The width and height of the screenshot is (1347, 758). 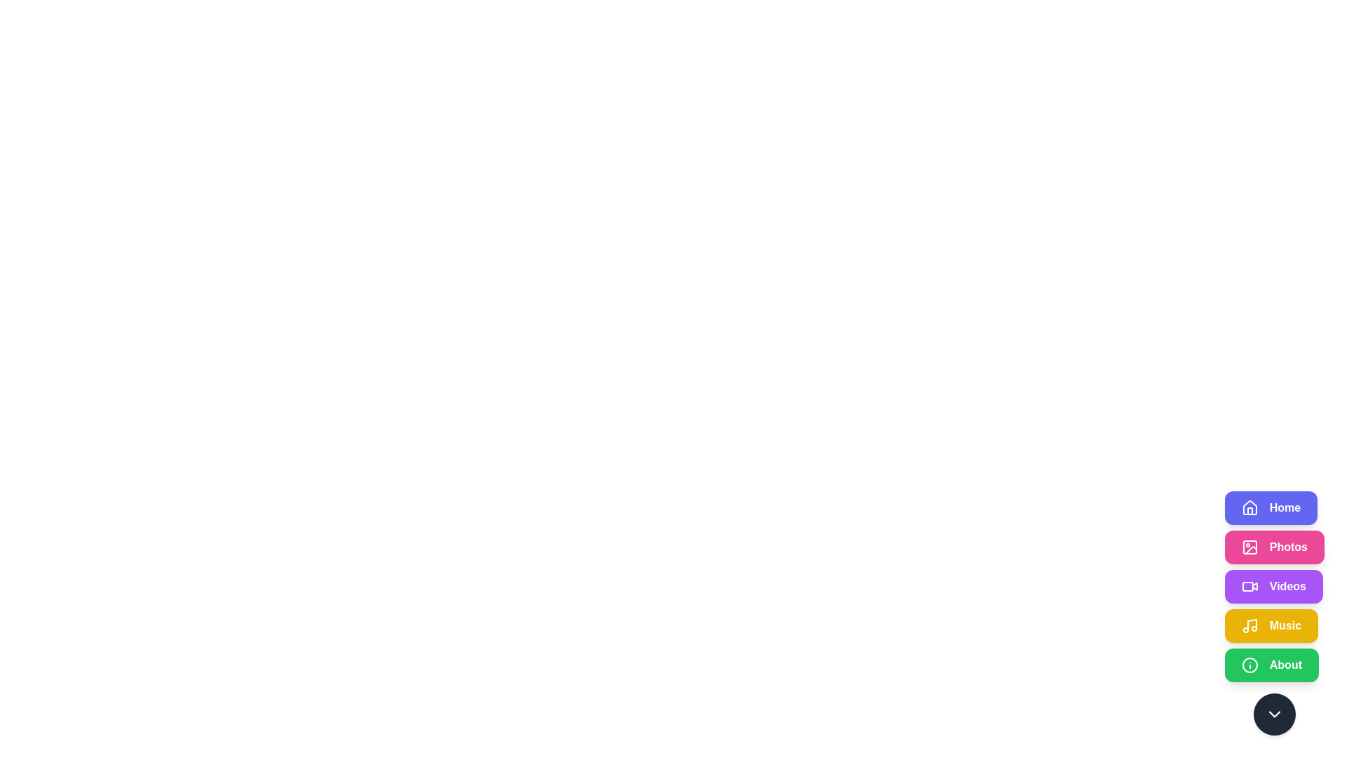 I want to click on the button corresponding to the section Home, so click(x=1271, y=508).